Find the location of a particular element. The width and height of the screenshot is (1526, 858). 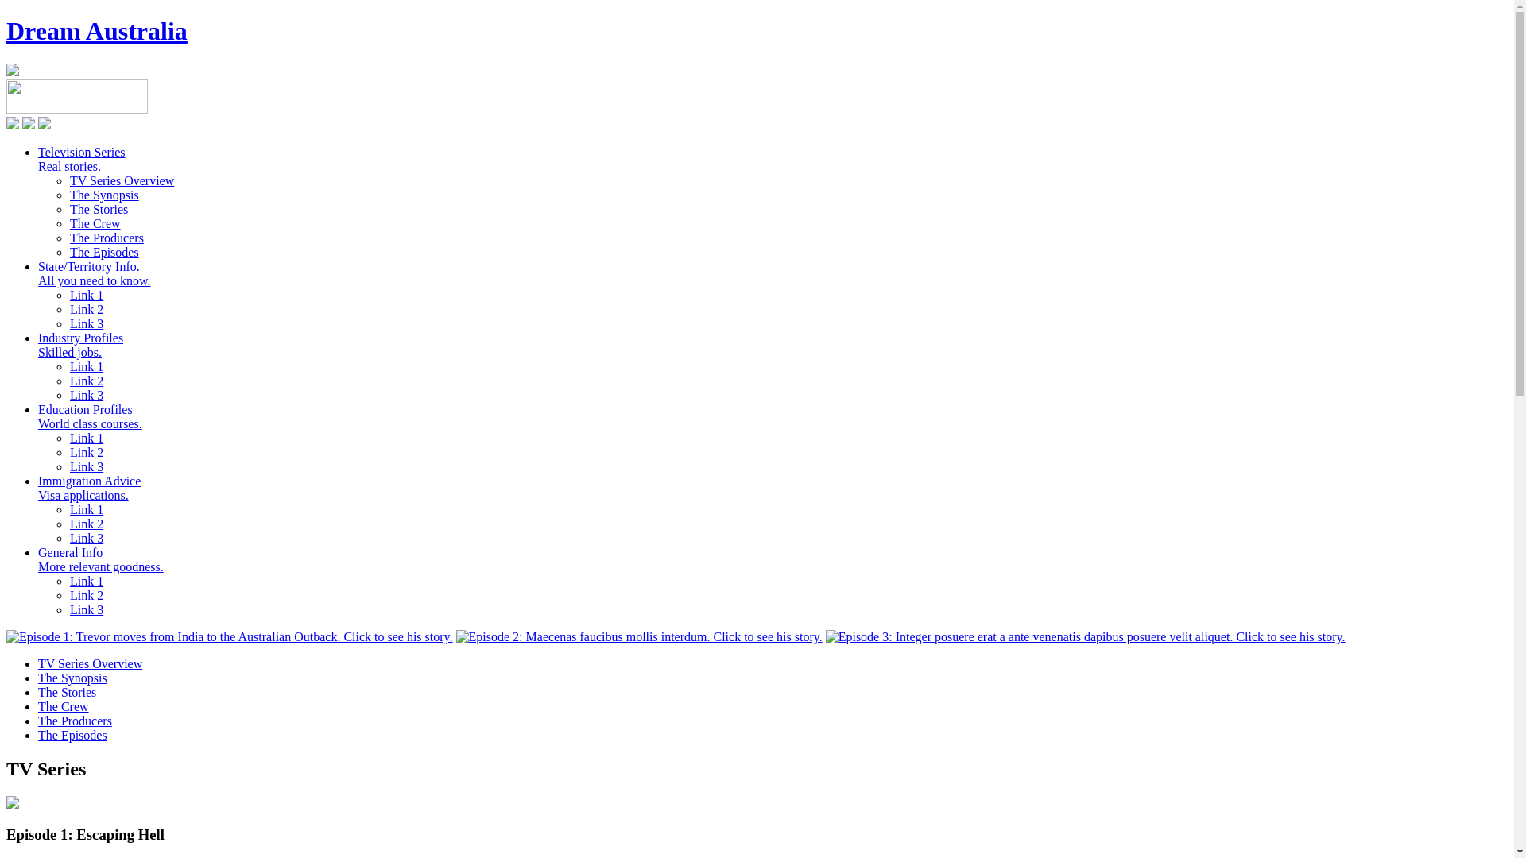

'Link 1' is located at coordinates (86, 438).